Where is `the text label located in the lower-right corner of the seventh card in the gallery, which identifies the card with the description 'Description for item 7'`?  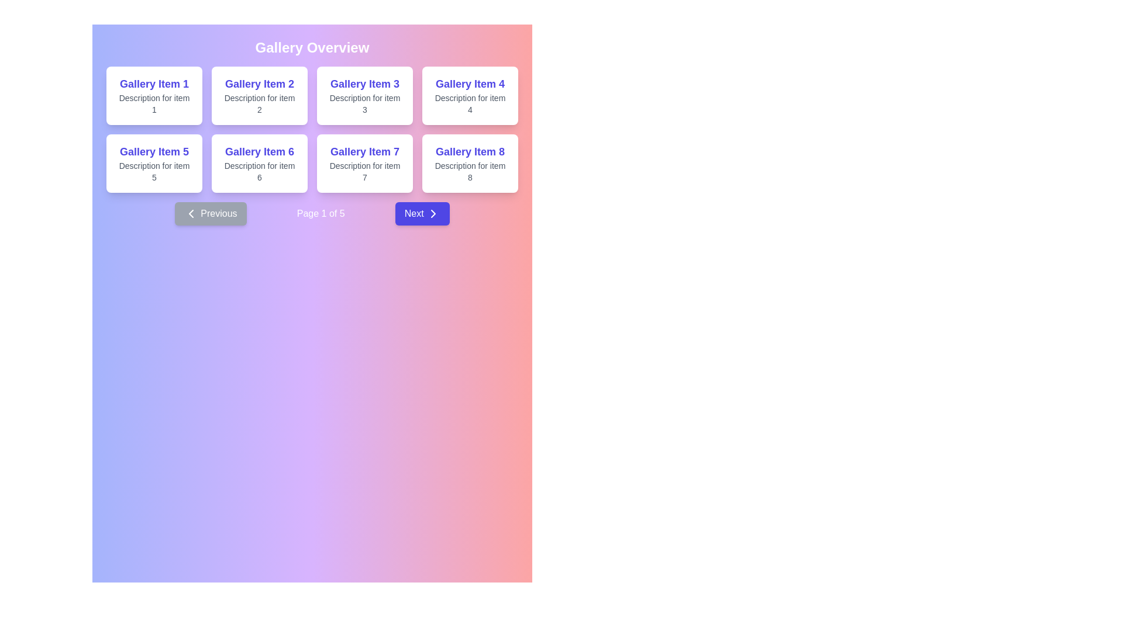 the text label located in the lower-right corner of the seventh card in the gallery, which identifies the card with the description 'Description for item 7' is located at coordinates (364, 151).